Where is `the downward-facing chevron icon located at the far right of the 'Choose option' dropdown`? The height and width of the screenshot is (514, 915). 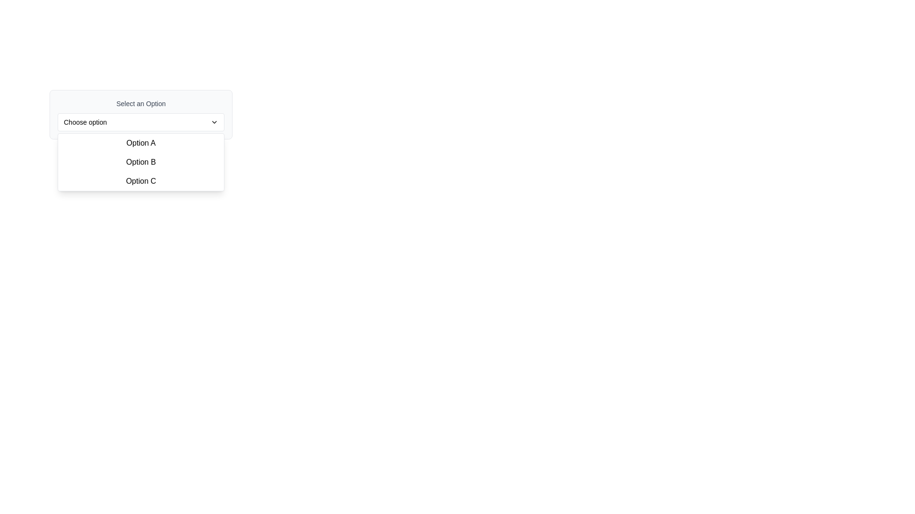 the downward-facing chevron icon located at the far right of the 'Choose option' dropdown is located at coordinates (214, 122).